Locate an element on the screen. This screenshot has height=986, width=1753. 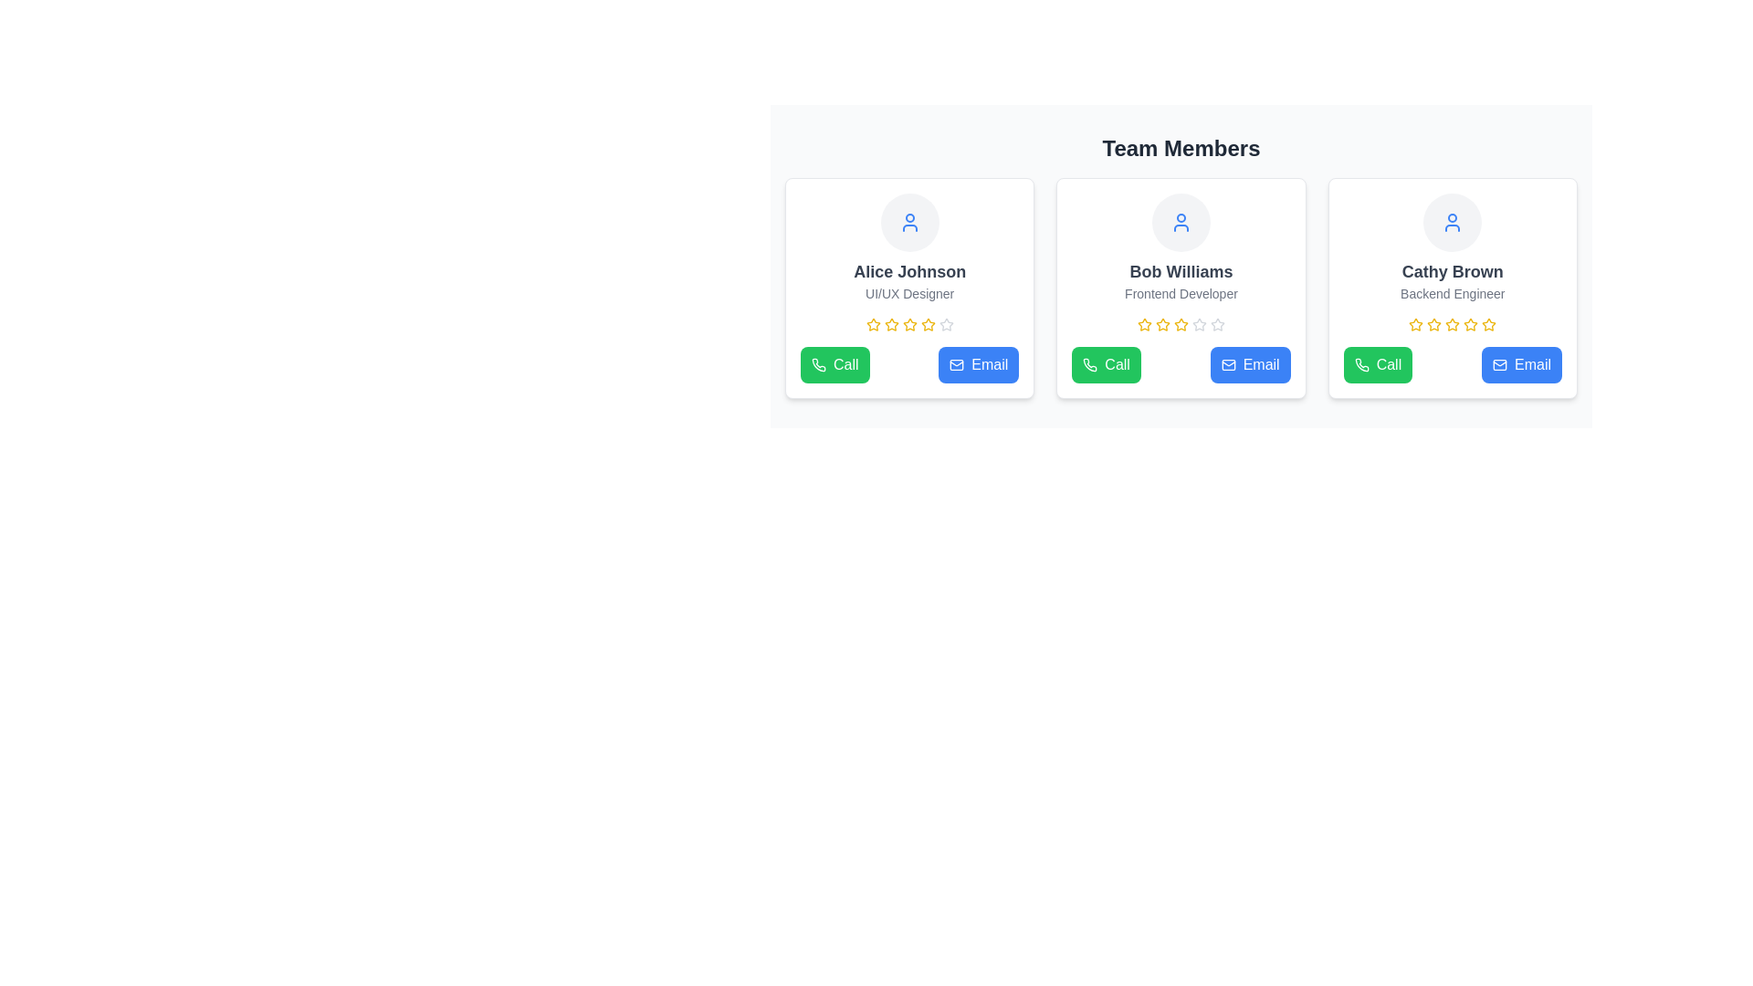
the fifth star icon in the rating row under the 'Alice Johnson' card, which has a yellow outline and is part of the 'Team Members' section is located at coordinates (928, 323).